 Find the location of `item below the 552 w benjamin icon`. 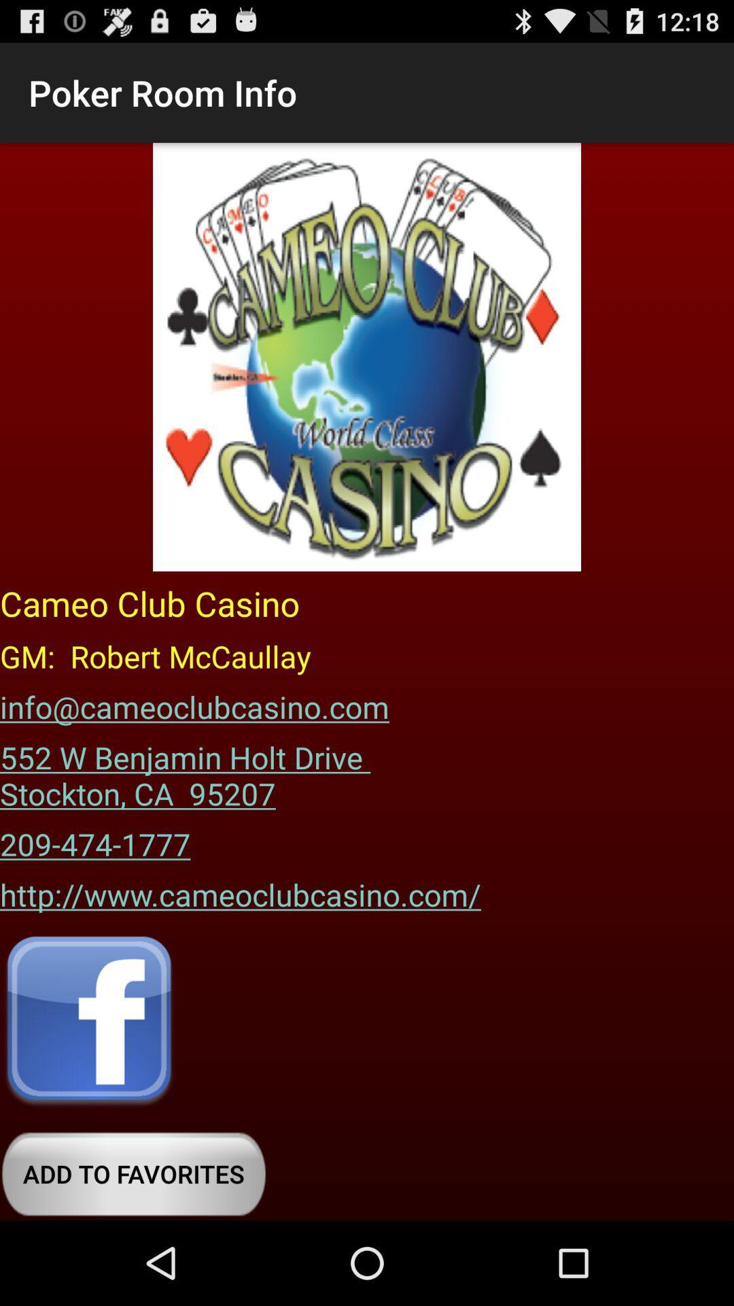

item below the 552 w benjamin icon is located at coordinates (94, 839).